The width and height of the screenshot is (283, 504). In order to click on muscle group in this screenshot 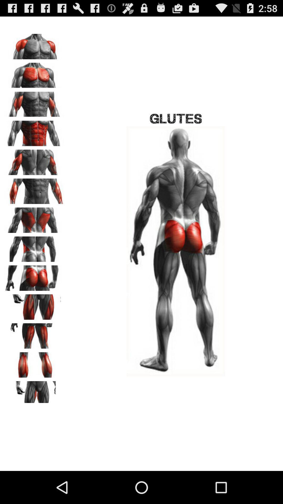, I will do `click(34, 363)`.